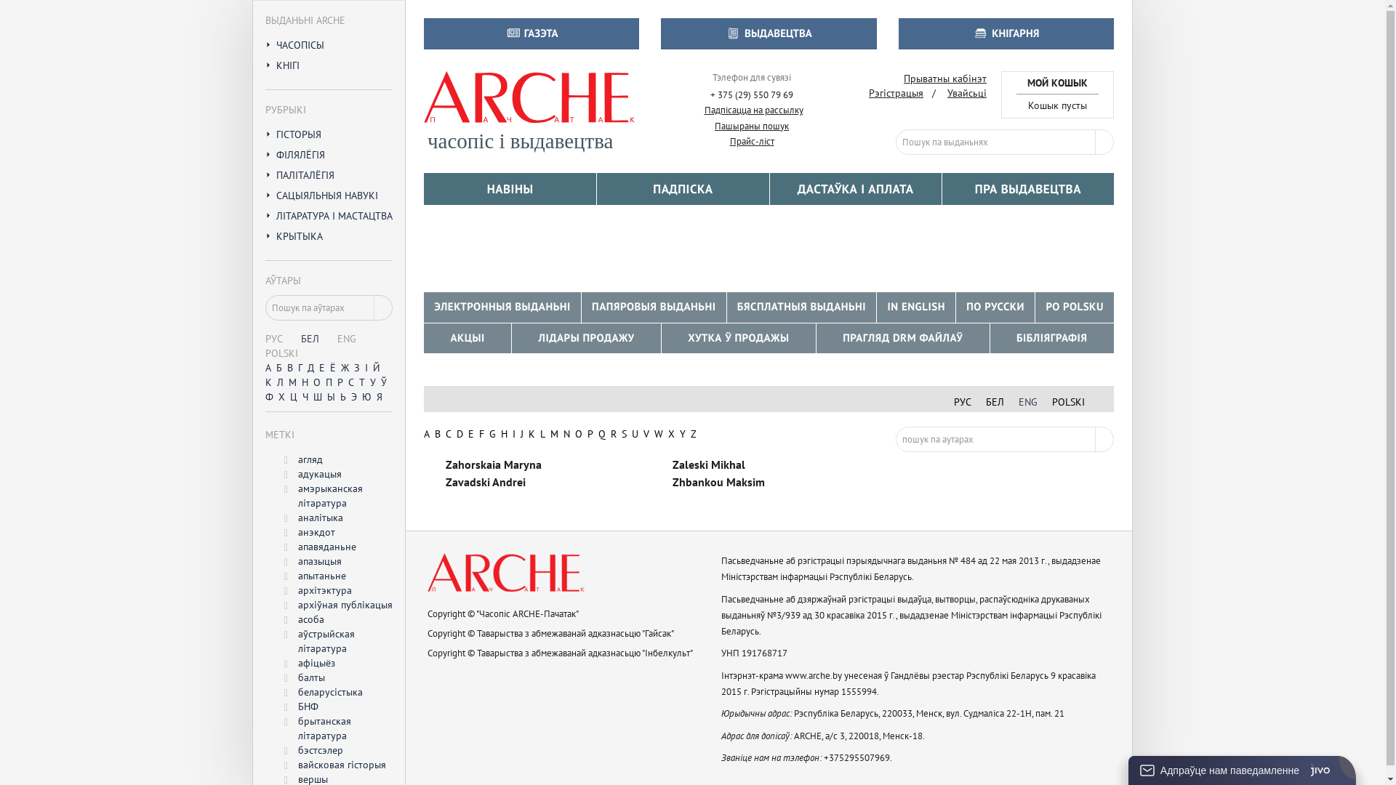  Describe the element at coordinates (1027, 401) in the screenshot. I see `'ENG'` at that location.